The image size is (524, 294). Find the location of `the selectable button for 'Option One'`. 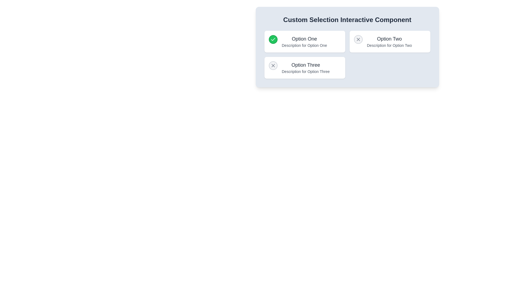

the selectable button for 'Option One' is located at coordinates (273, 39).